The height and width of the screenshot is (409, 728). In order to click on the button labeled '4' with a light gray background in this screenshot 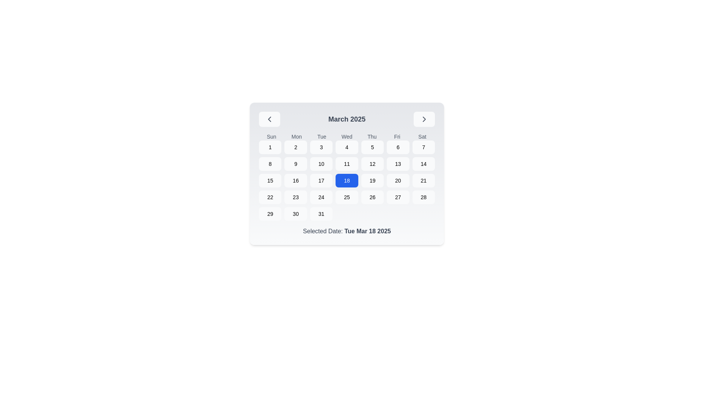, I will do `click(347, 147)`.